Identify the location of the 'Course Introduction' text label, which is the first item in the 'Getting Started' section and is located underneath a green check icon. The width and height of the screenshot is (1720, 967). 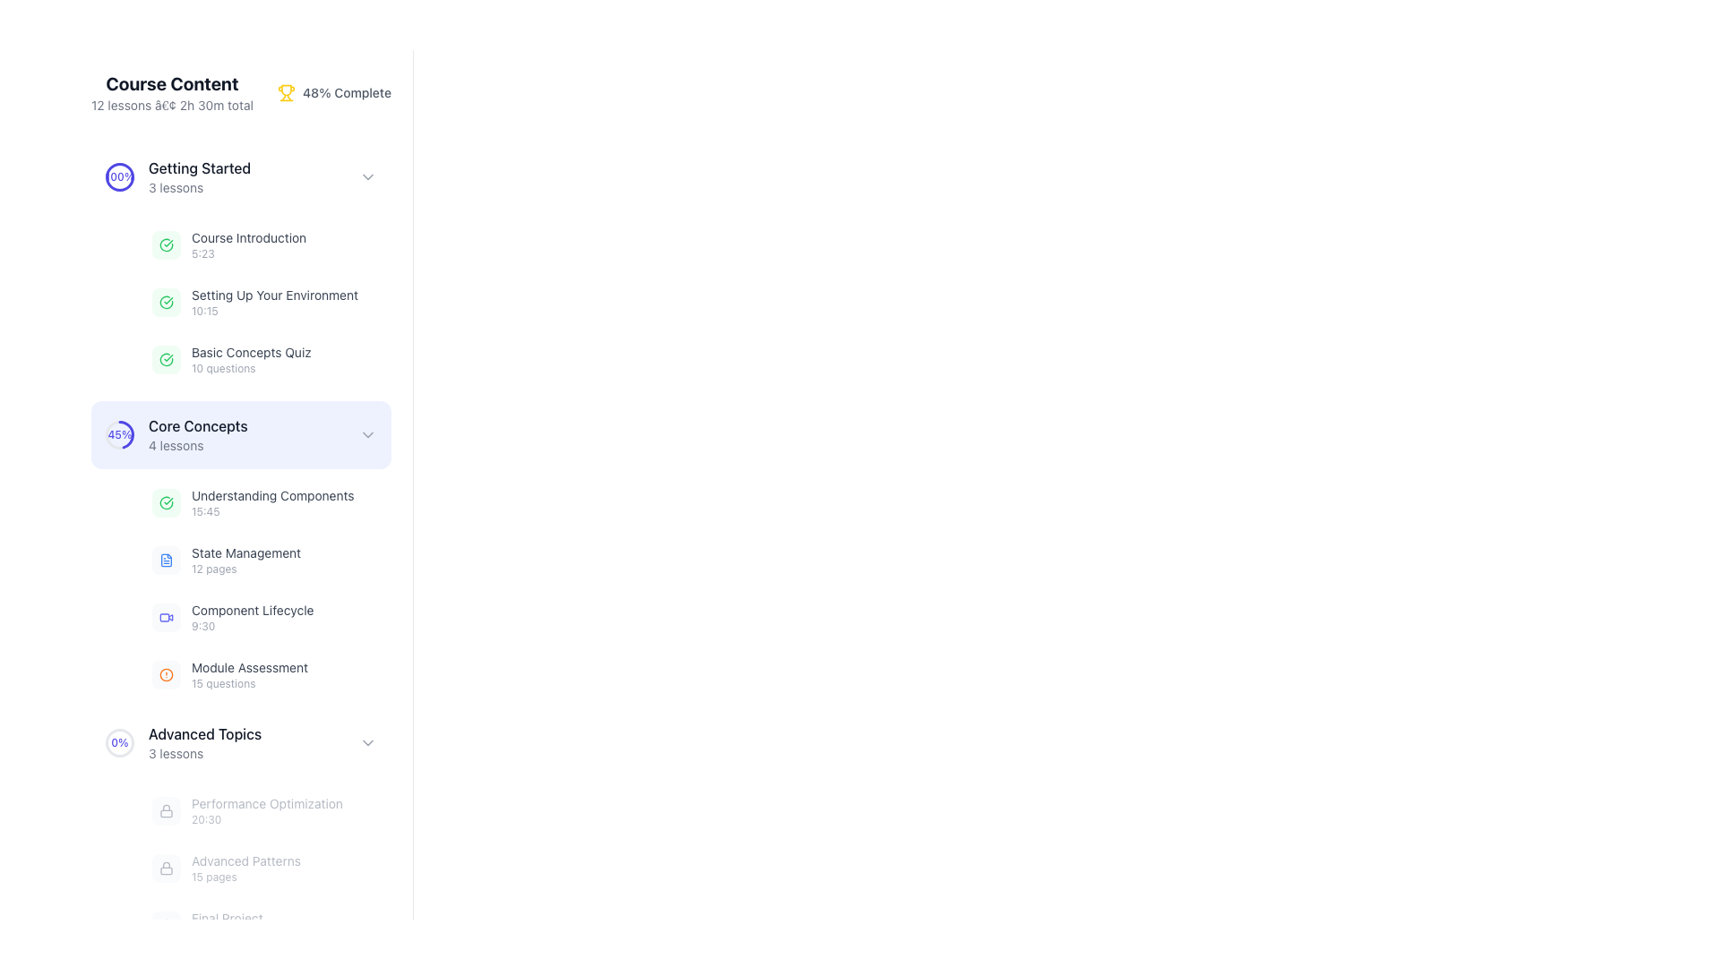
(248, 244).